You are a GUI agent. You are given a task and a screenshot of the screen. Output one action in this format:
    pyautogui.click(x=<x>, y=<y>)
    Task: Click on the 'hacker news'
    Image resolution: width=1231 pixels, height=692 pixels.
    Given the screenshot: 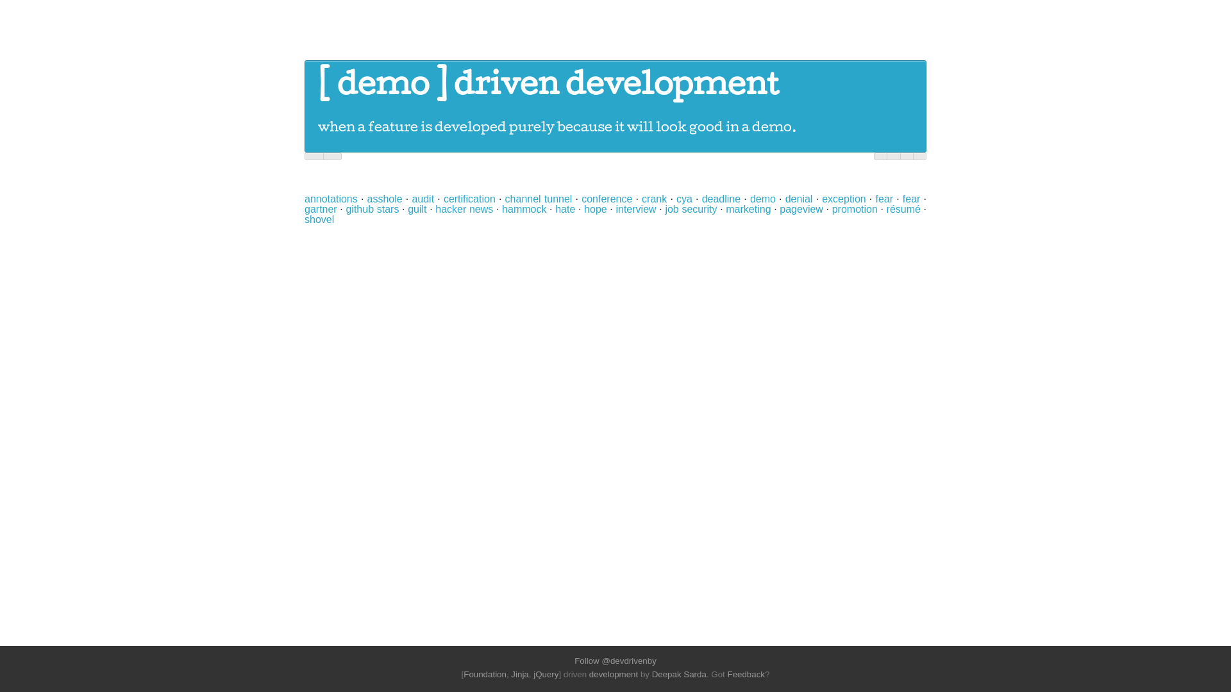 What is the action you would take?
    pyautogui.click(x=464, y=208)
    